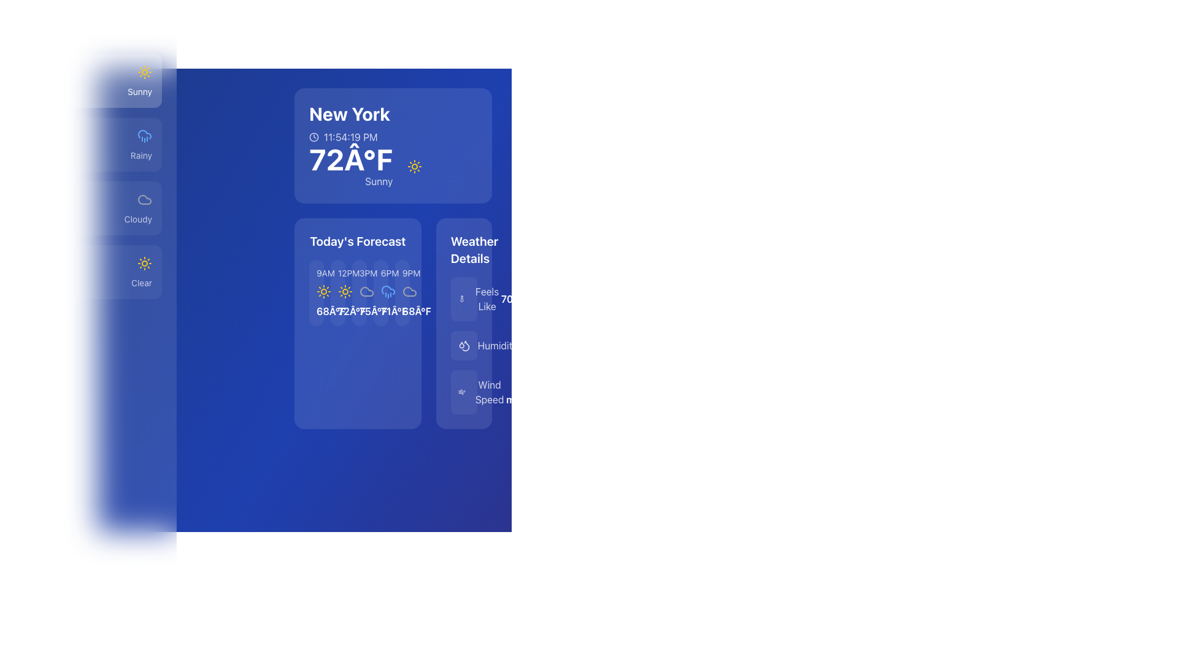 This screenshot has width=1178, height=662. I want to click on the visual state of the sunny weather icon located in the 'Today's Forecast' section, which is the first icon in the row of weather symbols, so click(344, 291).